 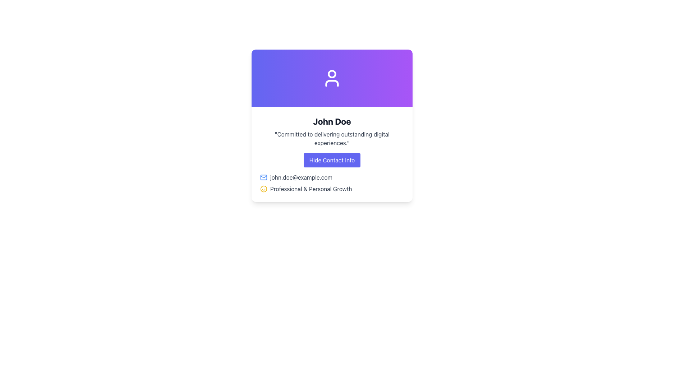 I want to click on the text label displaying 'John Doe', which is prominently styled in bold and large dark gray font, located at the top center of the card interface, so click(x=332, y=121).